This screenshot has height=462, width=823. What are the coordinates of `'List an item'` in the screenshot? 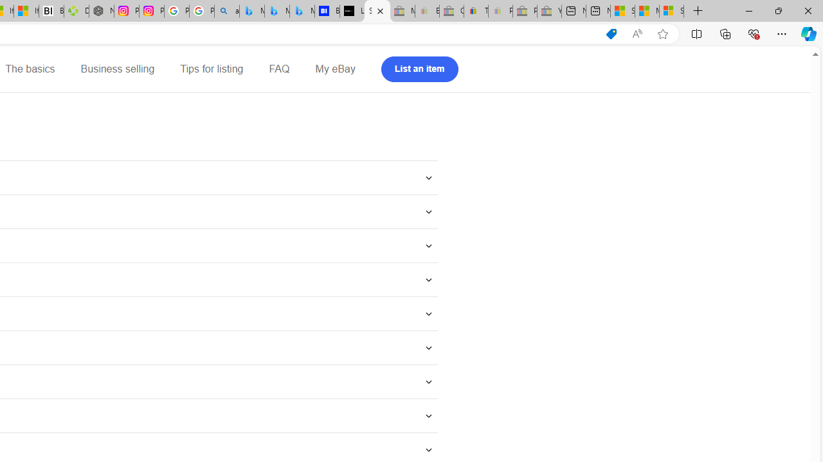 It's located at (419, 69).